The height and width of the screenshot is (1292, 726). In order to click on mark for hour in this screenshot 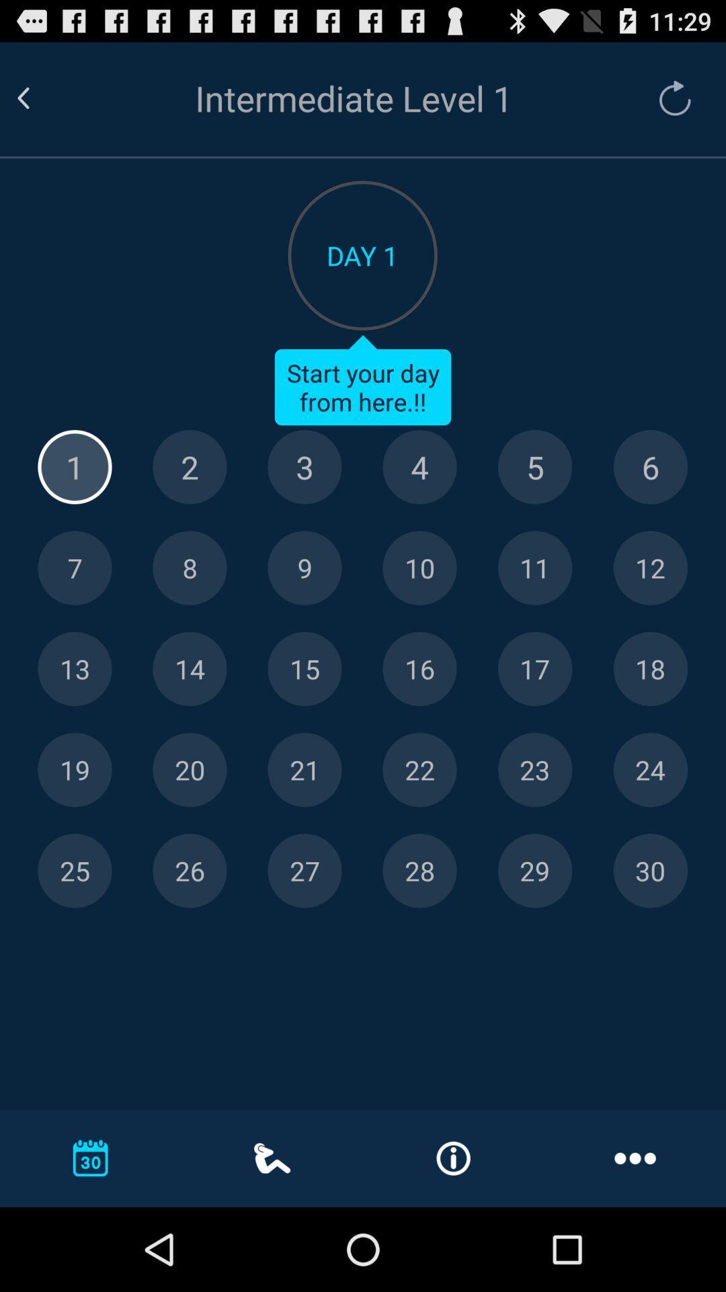, I will do `click(649, 568)`.